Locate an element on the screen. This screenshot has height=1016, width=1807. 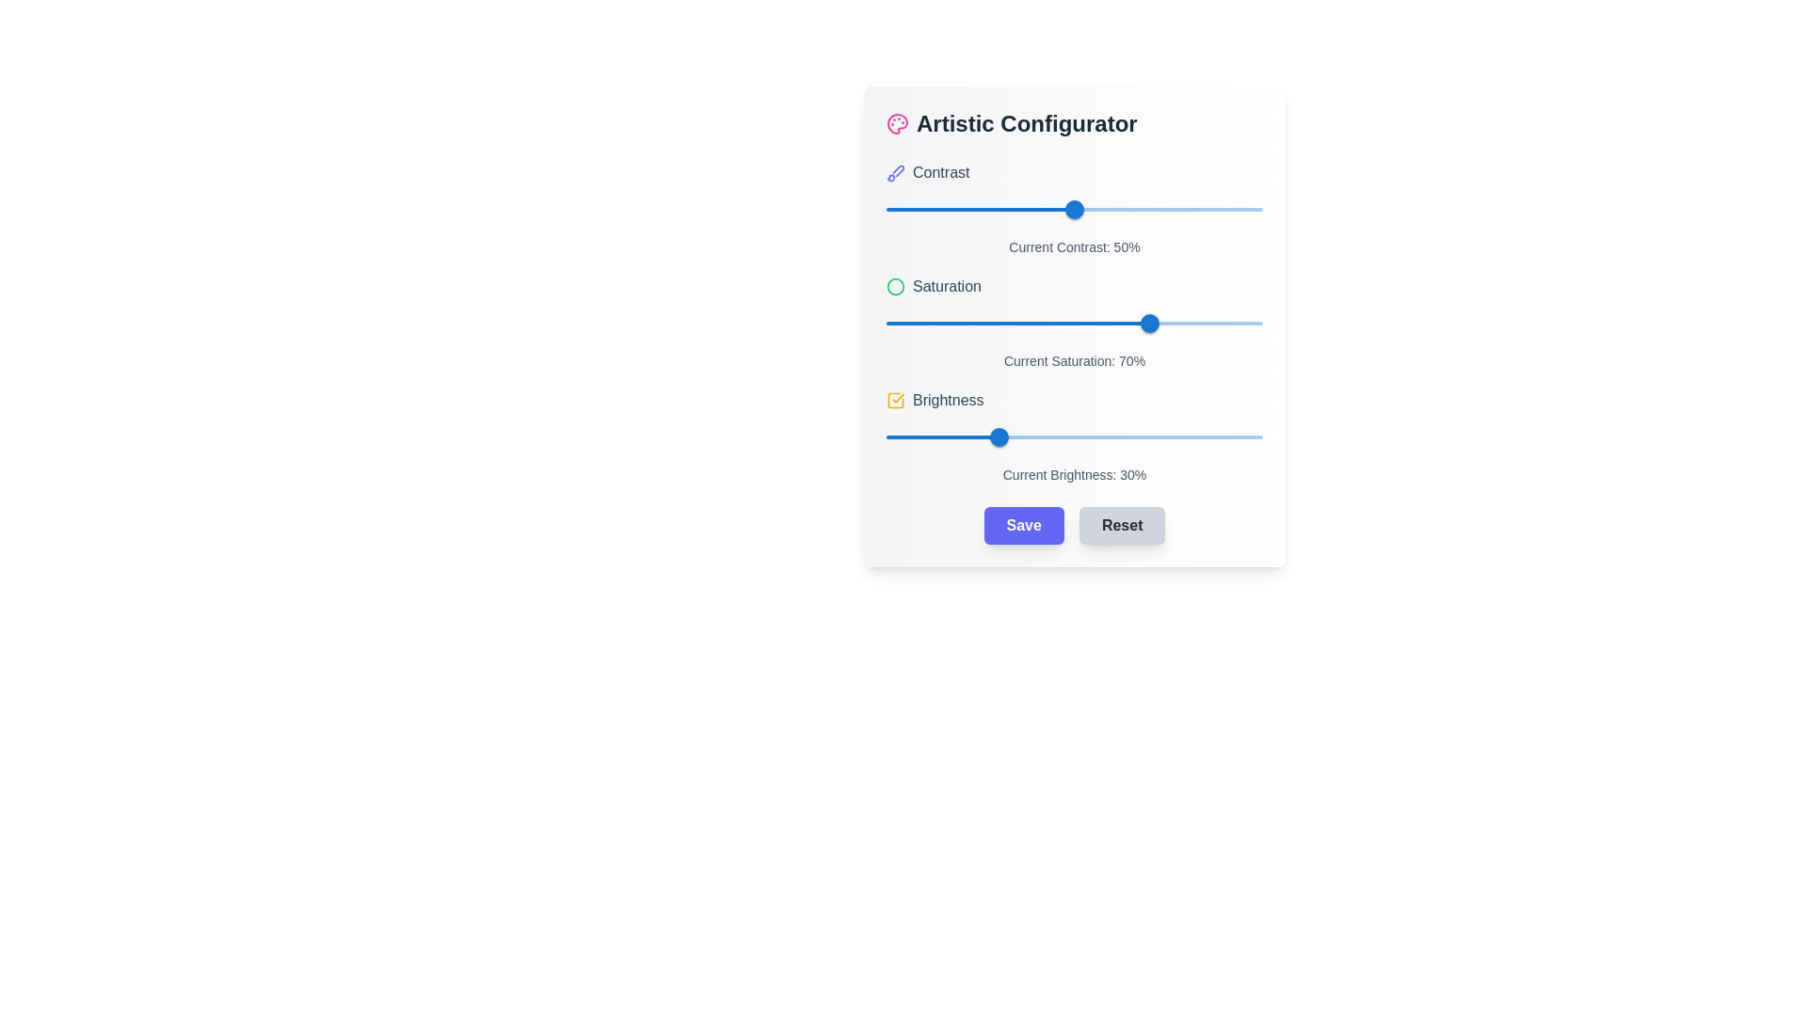
the circular blue slider thumb marked with '50' in the 'Contrast' configuration section for interaction details is located at coordinates (1075, 210).